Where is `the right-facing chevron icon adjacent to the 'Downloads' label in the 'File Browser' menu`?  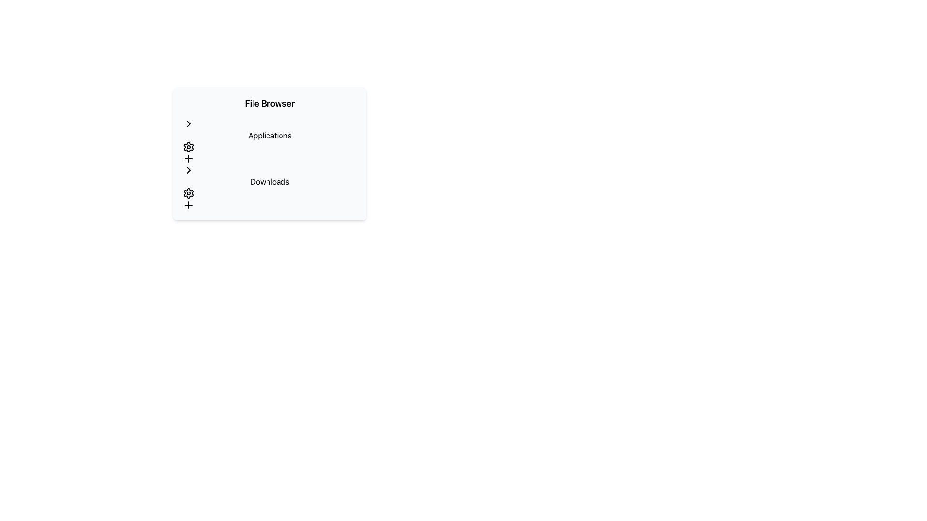
the right-facing chevron icon adjacent to the 'Downloads' label in the 'File Browser' menu is located at coordinates (188, 170).